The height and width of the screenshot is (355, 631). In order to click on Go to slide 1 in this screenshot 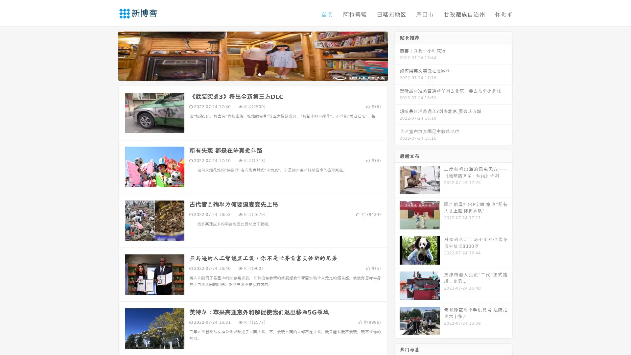, I will do `click(246, 74)`.